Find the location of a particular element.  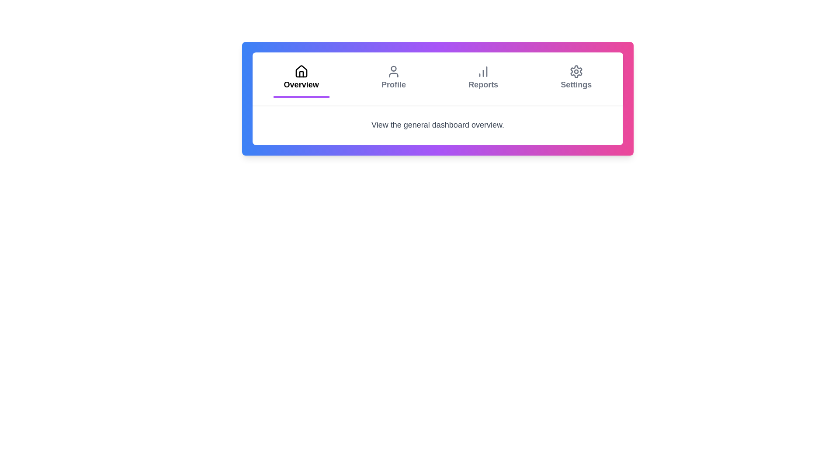

the text element displaying 'View the general dashboard overview' located beneath the navigation bar with a white background is located at coordinates (438, 125).